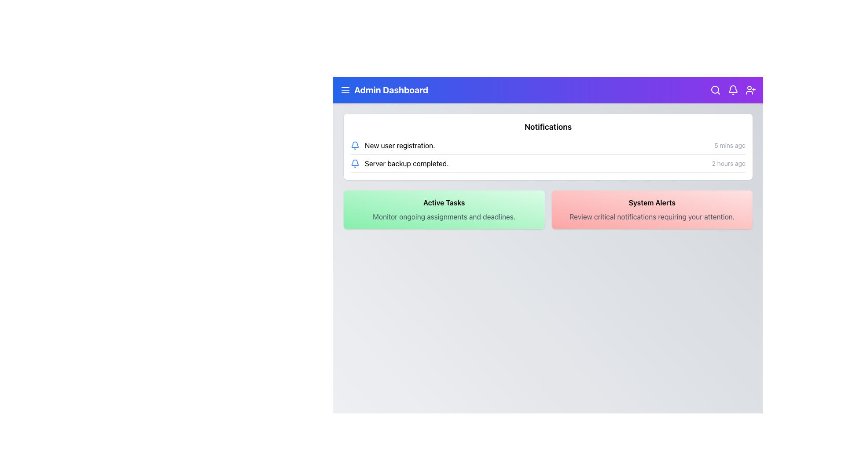  I want to click on the static text label indicating the context of the associated content within the green card, located below the 'Notifications' section, so click(444, 203).